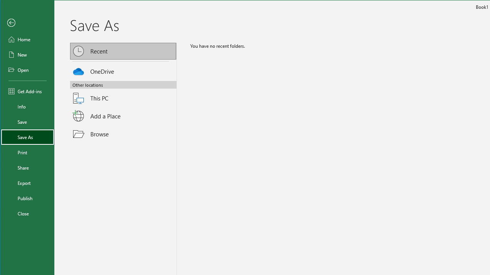 The image size is (490, 275). I want to click on 'Export', so click(28, 183).